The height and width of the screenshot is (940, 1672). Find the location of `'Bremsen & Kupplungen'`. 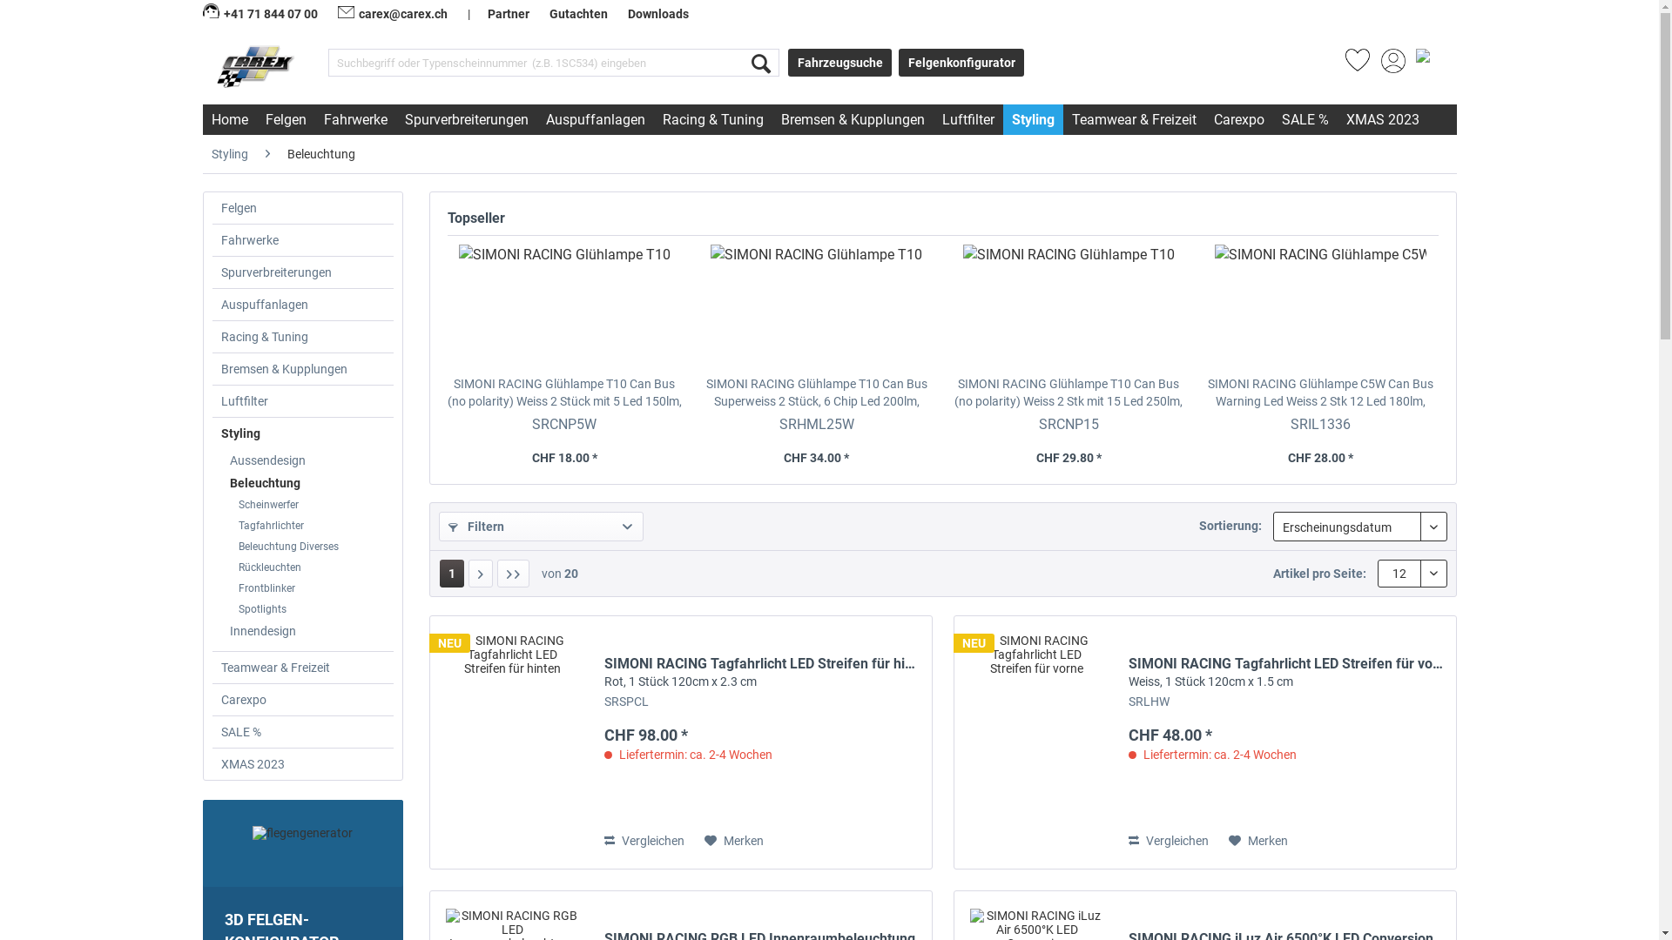

'Bremsen & Kupplungen' is located at coordinates (212, 368).